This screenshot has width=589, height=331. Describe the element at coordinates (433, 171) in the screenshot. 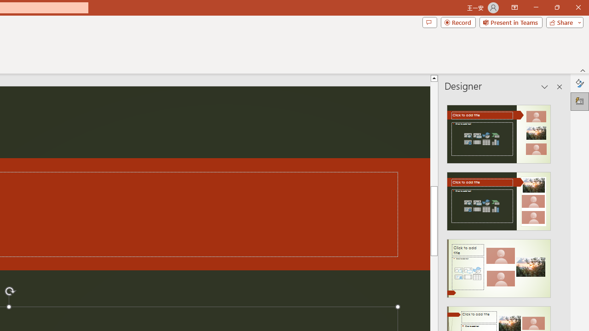

I see `'Page up'` at that location.